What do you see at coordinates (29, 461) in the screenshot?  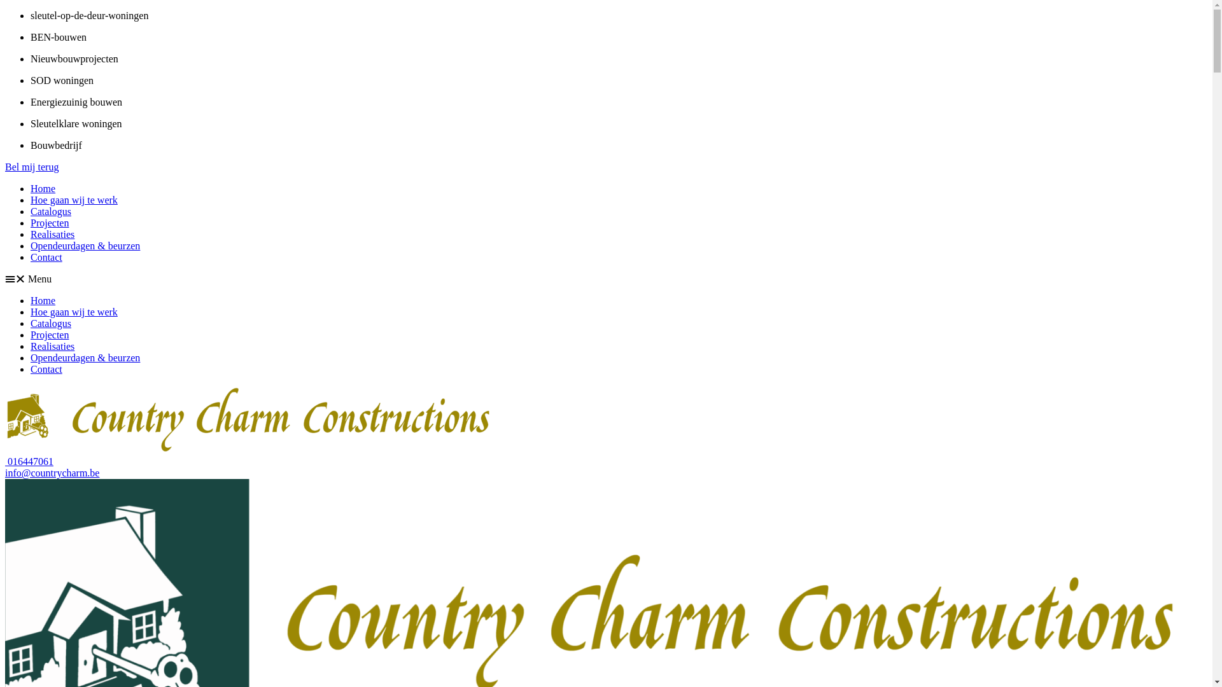 I see `' 016447061'` at bounding box center [29, 461].